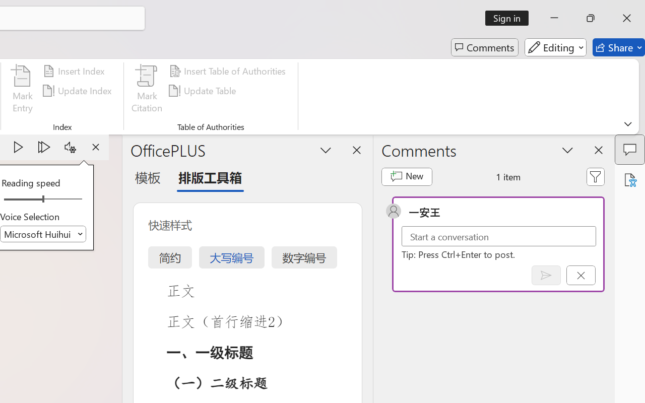 The height and width of the screenshot is (403, 645). Describe the element at coordinates (70, 147) in the screenshot. I see `'Settings'` at that location.